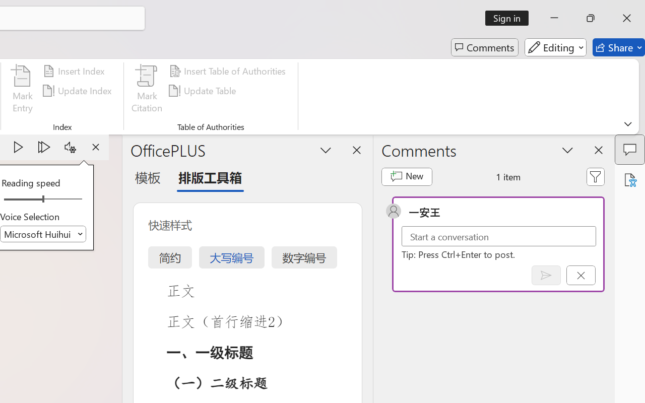 The height and width of the screenshot is (403, 645). Describe the element at coordinates (70, 147) in the screenshot. I see `'Settings'` at that location.